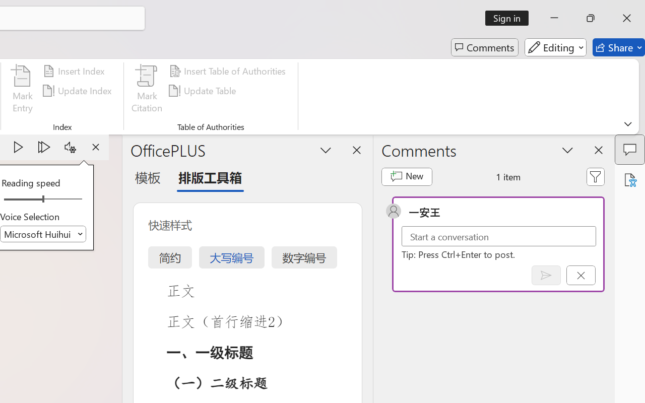 The height and width of the screenshot is (403, 645). Describe the element at coordinates (70, 147) in the screenshot. I see `'Settings'` at that location.